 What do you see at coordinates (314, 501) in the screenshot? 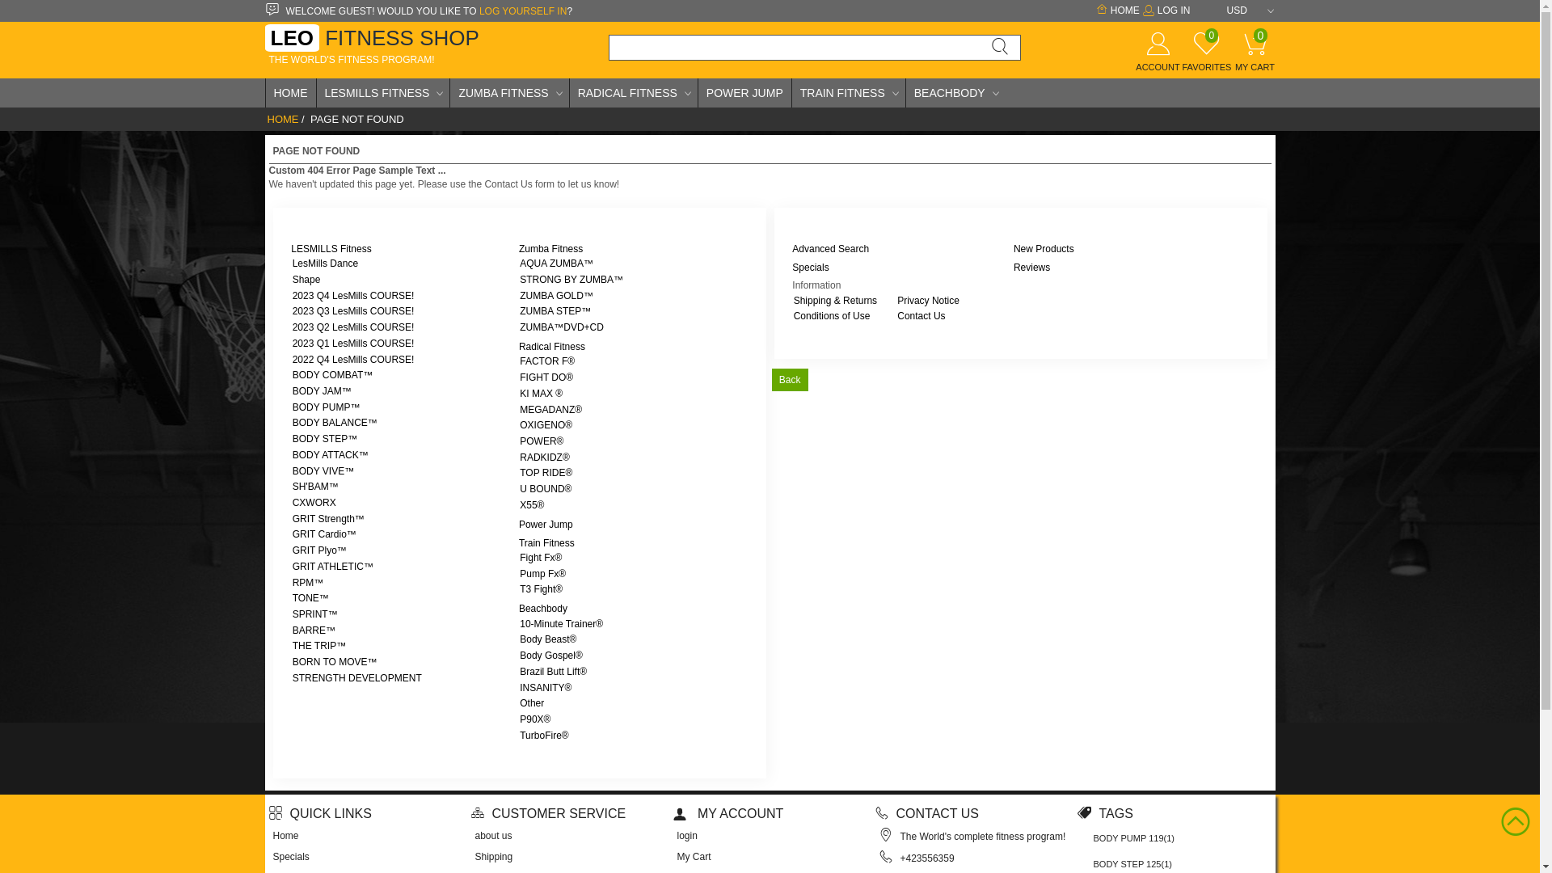
I see `'CXWORX'` at bounding box center [314, 501].